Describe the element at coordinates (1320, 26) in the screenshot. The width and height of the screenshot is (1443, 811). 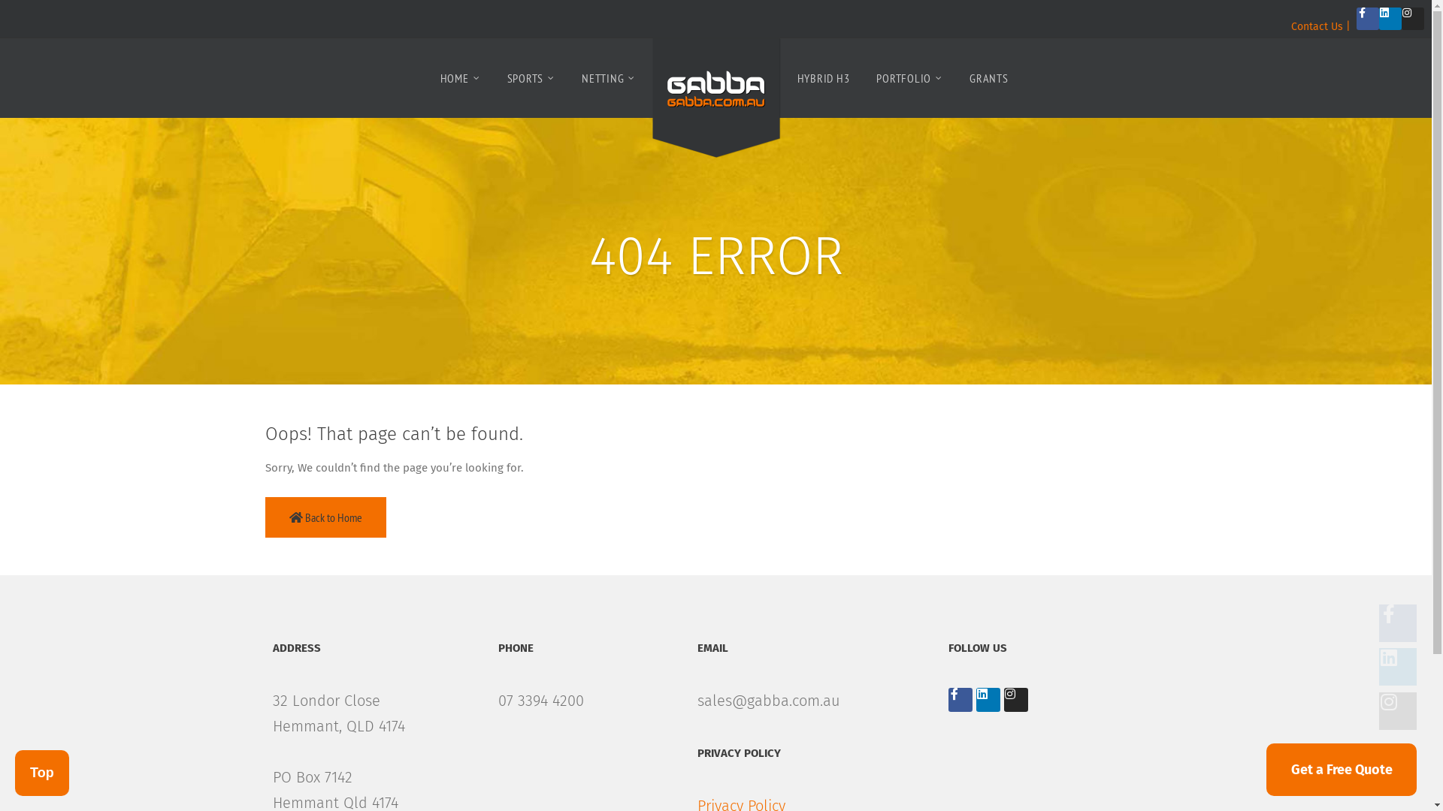
I see `'Contact Us |'` at that location.